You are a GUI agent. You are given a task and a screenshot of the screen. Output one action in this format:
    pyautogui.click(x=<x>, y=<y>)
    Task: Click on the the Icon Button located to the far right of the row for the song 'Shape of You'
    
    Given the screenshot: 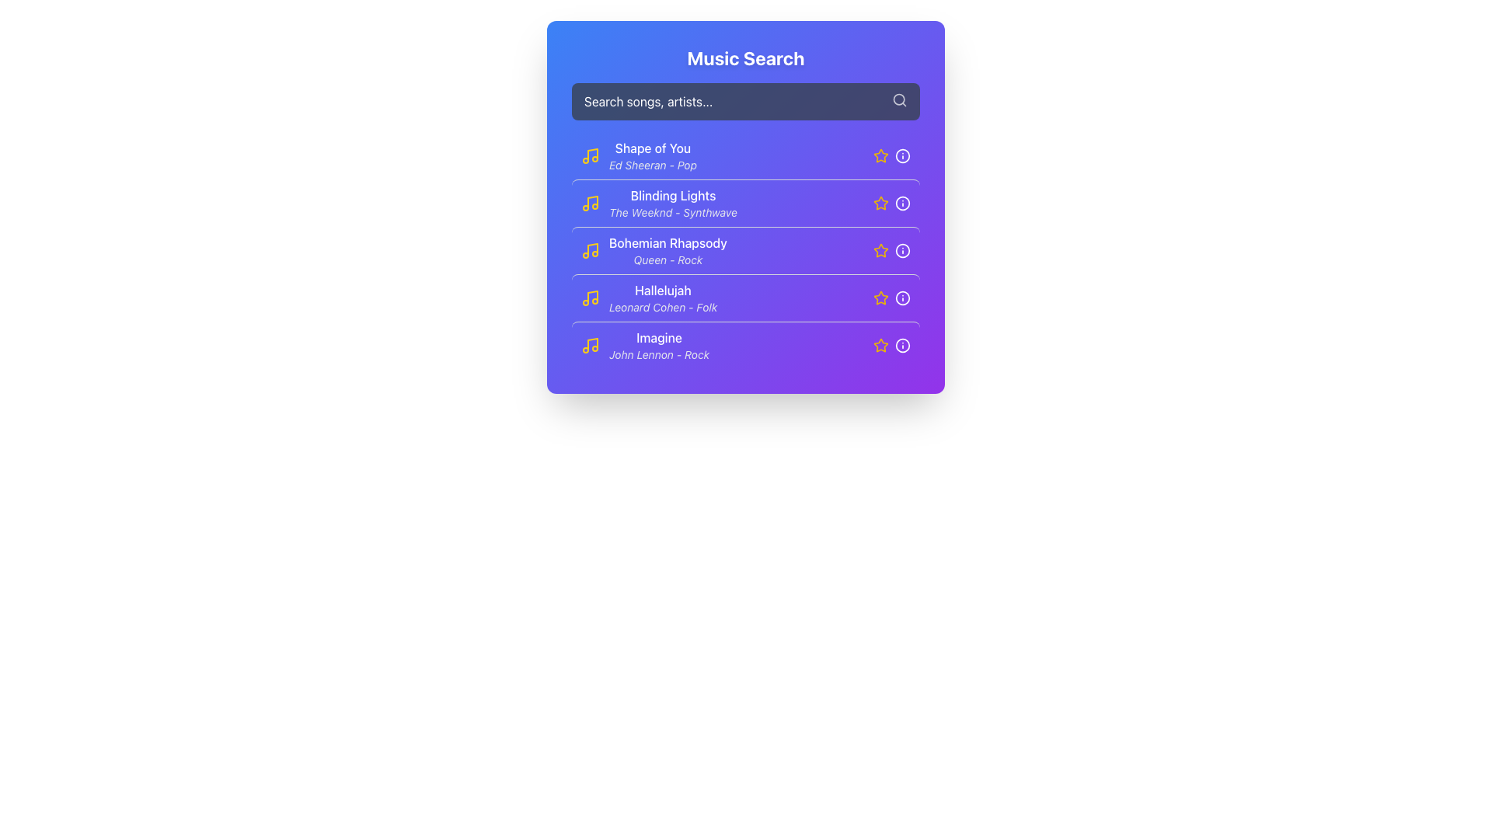 What is the action you would take?
    pyautogui.click(x=902, y=155)
    